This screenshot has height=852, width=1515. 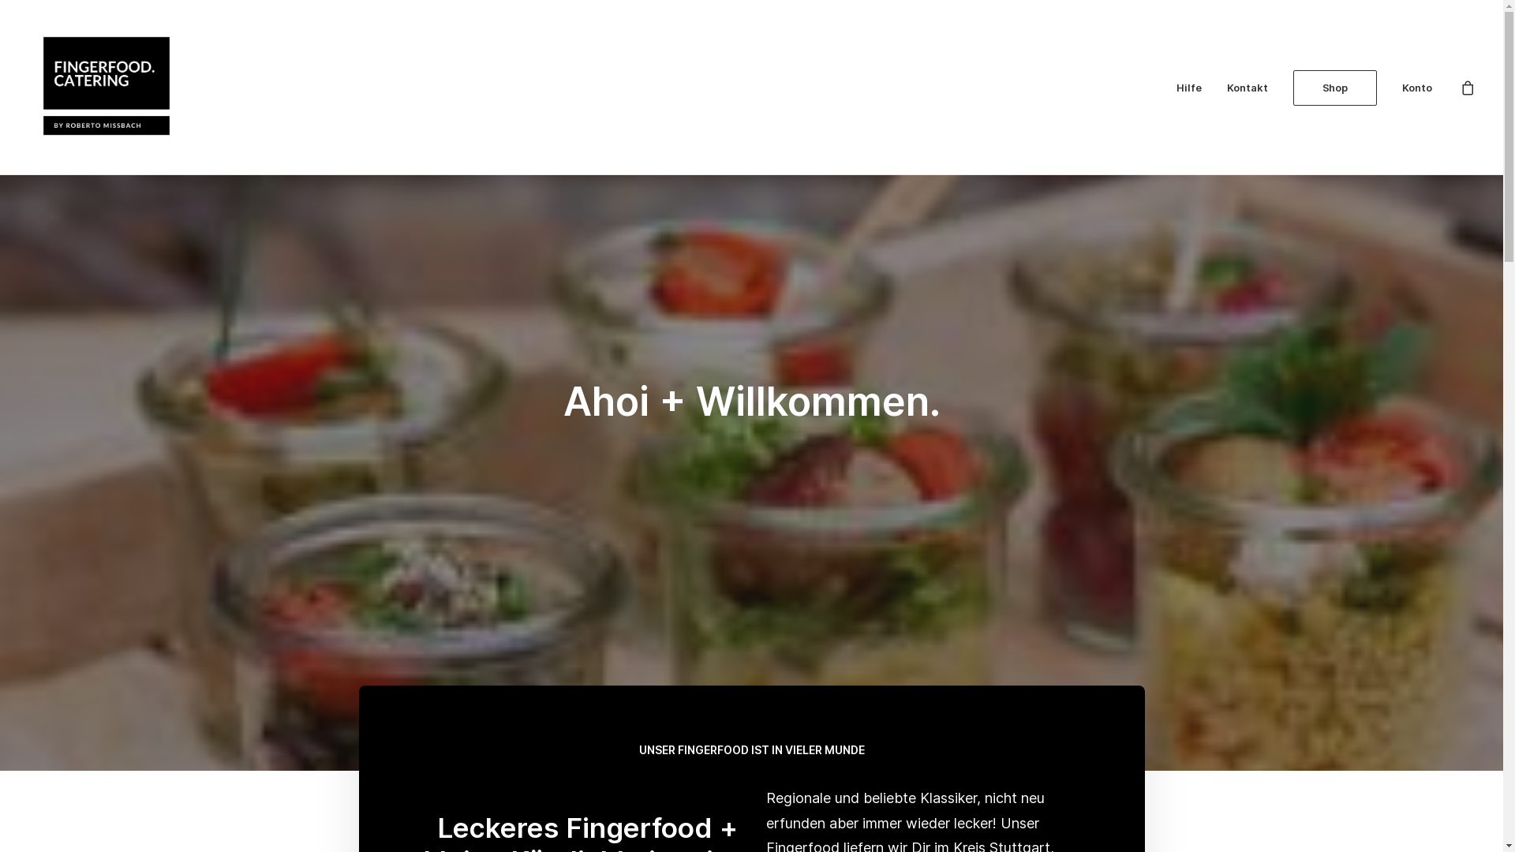 What do you see at coordinates (1282, 87) in the screenshot?
I see `'Shop'` at bounding box center [1282, 87].